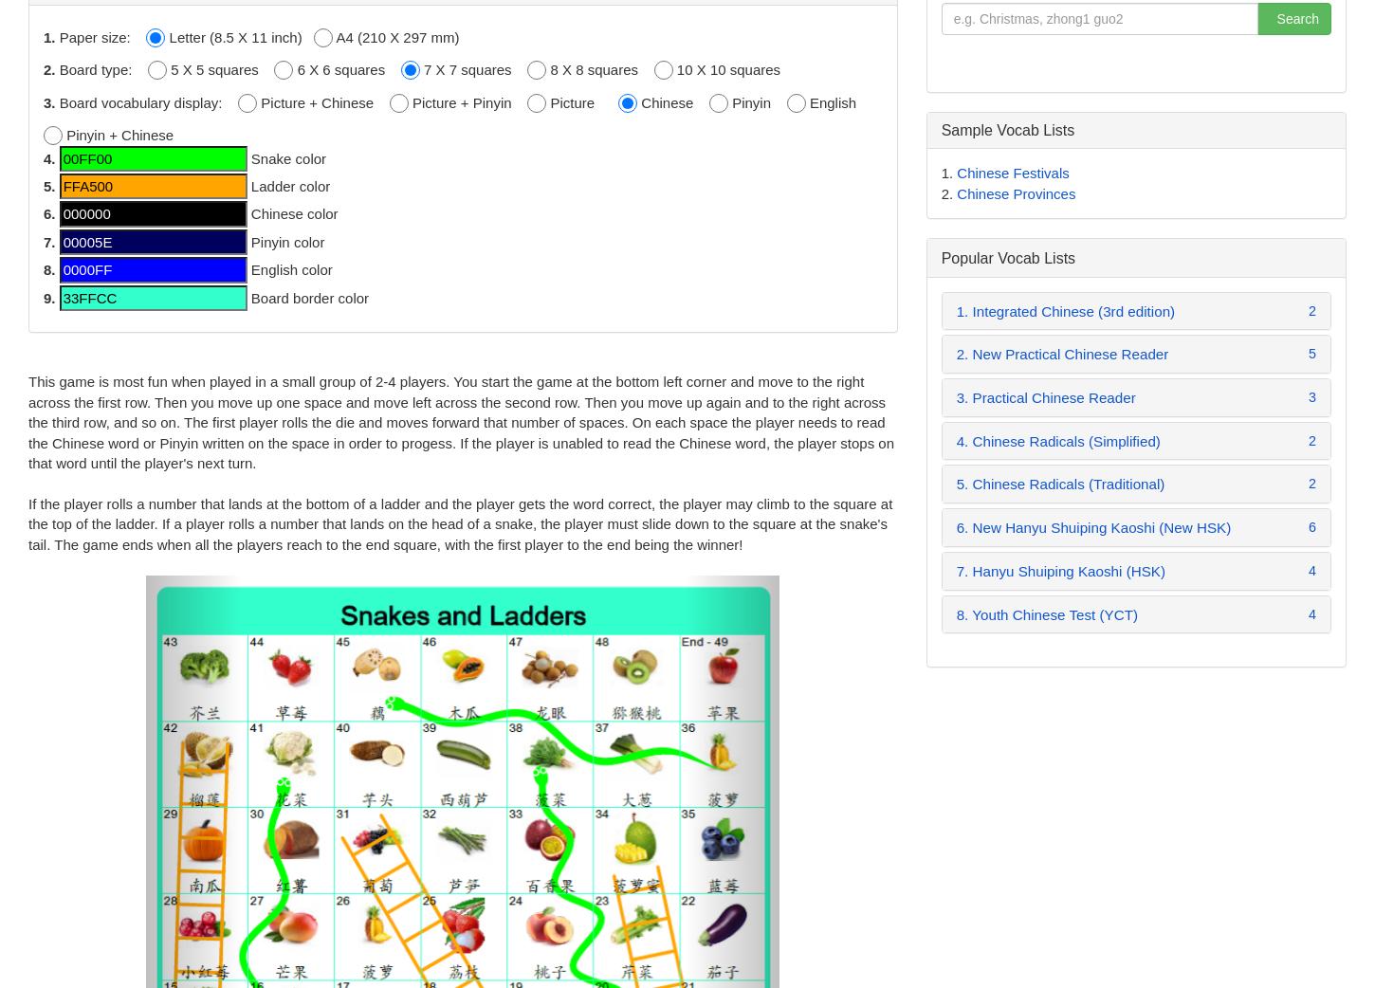  I want to click on '6. New Hanyu Shuiping Kaoshi (New HSK)', so click(1092, 526).